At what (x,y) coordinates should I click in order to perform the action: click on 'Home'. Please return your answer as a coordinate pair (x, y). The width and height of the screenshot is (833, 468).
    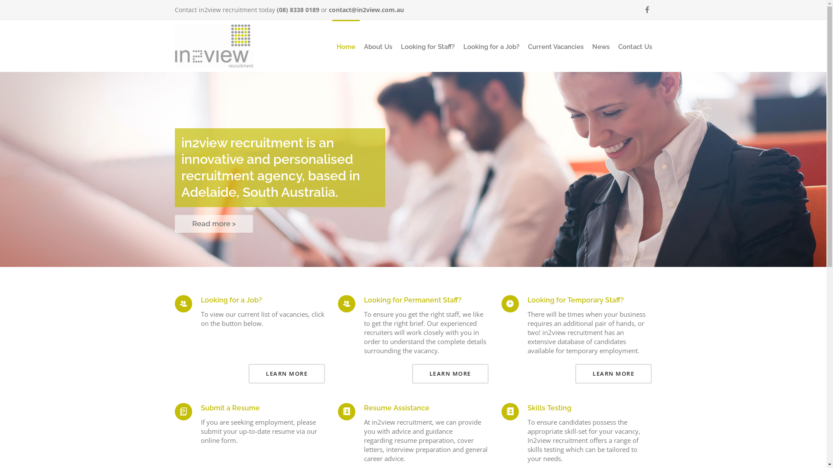
    Looking at the image, I should click on (345, 47).